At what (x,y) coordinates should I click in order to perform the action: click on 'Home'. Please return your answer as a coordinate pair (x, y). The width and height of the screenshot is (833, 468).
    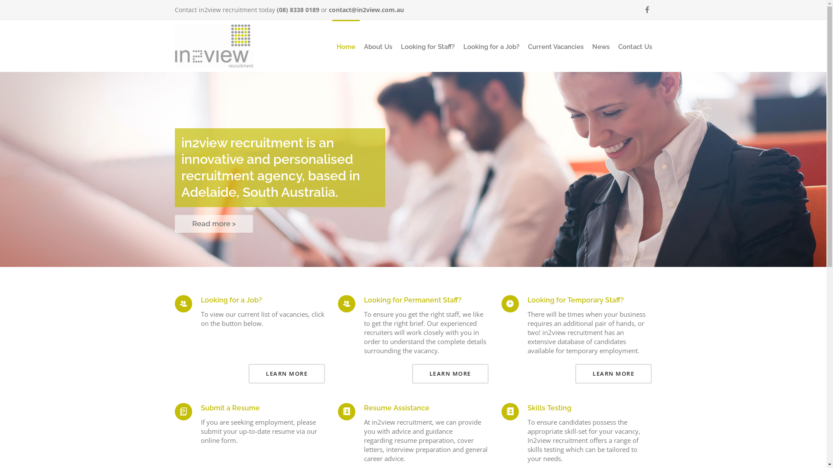
    Looking at the image, I should click on (345, 47).